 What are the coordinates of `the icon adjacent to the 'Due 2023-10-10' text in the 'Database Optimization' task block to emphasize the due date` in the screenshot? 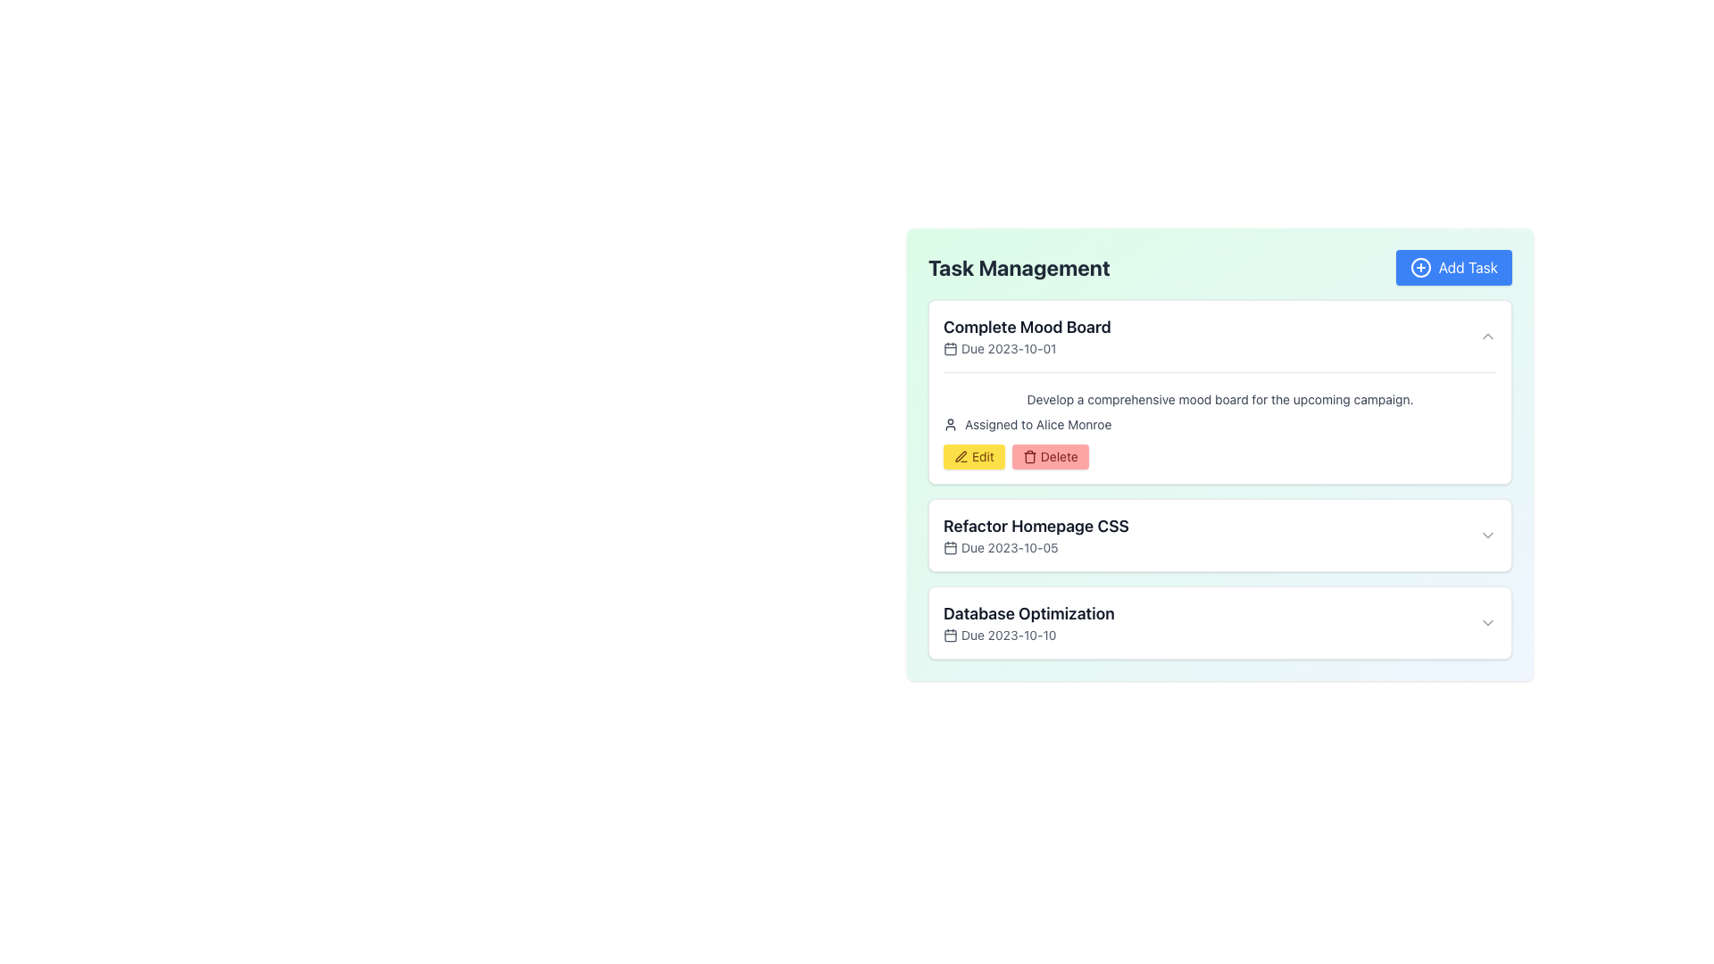 It's located at (950, 635).